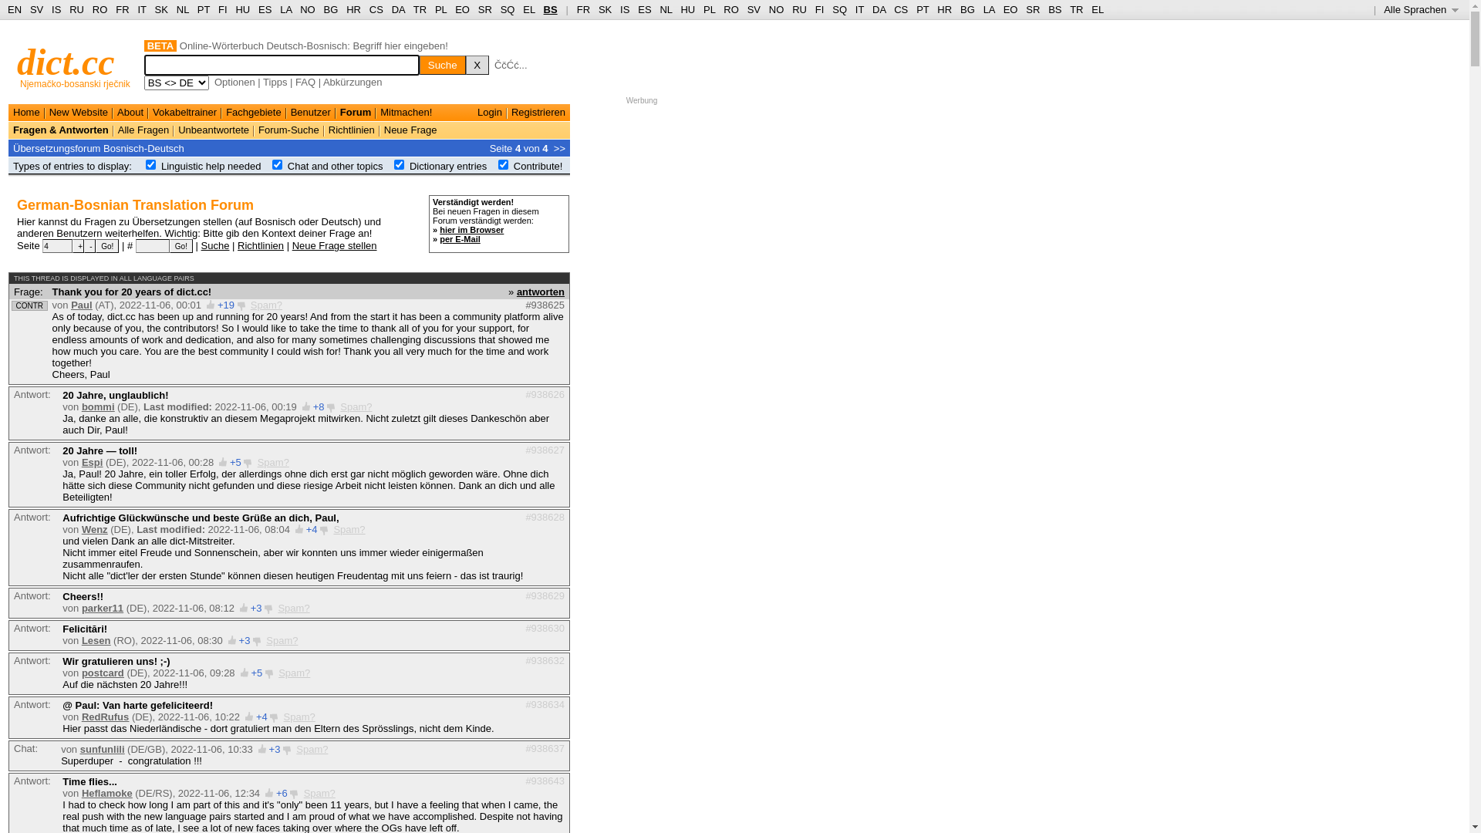 This screenshot has height=833, width=1481. I want to click on 'Home', so click(13, 111).